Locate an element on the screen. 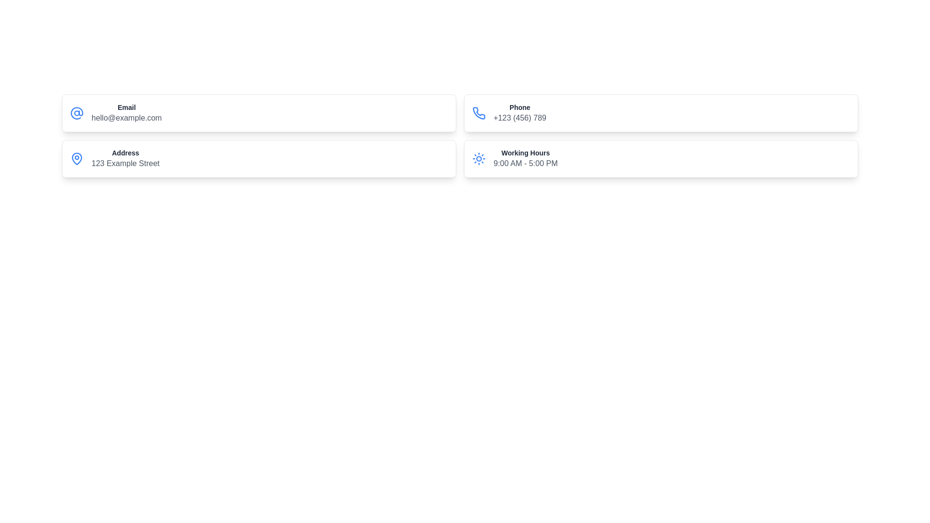 The height and width of the screenshot is (523, 930). the textual information display labeled 'Phone' which shows the phone number '+123 (456) 789', styled in bold dark font on a light background is located at coordinates (519, 113).